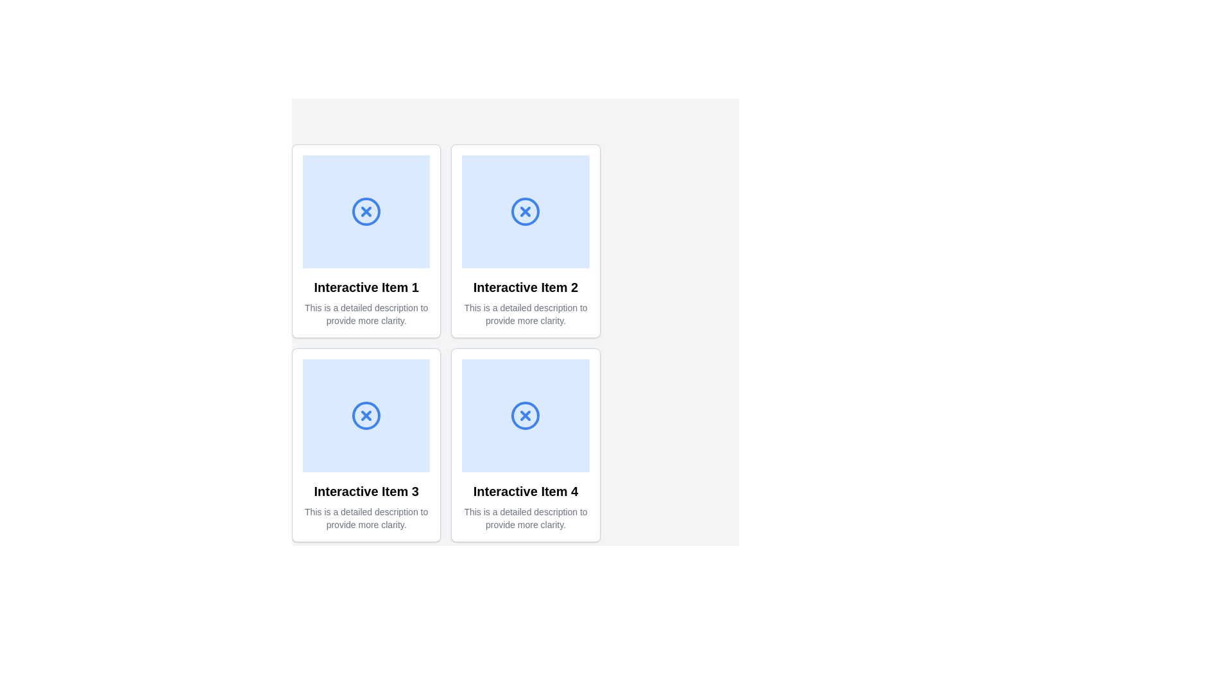 The image size is (1232, 693). What do you see at coordinates (366, 241) in the screenshot?
I see `the first card in the two-column grid located at the top-left position to interact with its informational content` at bounding box center [366, 241].